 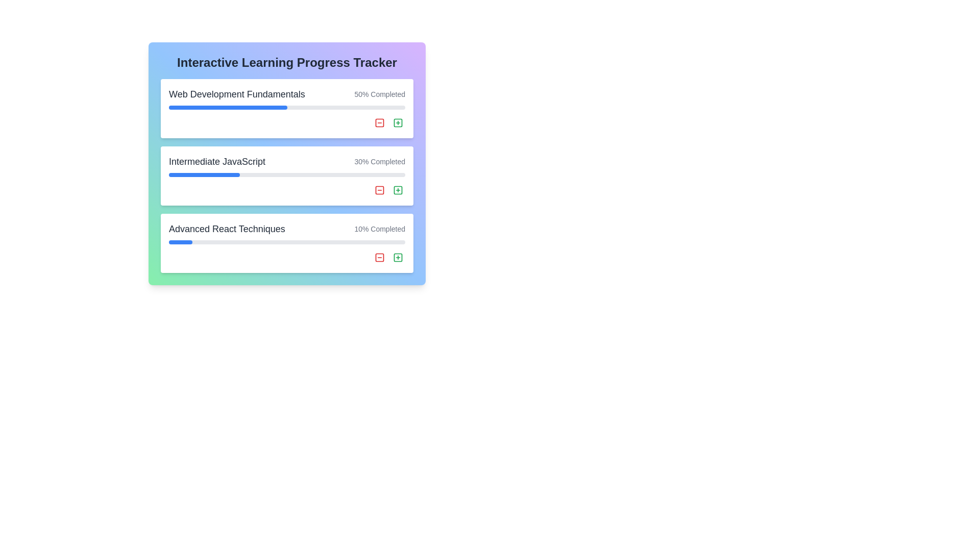 What do you see at coordinates (379, 257) in the screenshot?
I see `the red square button with a minus sign icon located at the bottom-right corner of the 'Advanced React Techniques' section for accessibility purposes` at bounding box center [379, 257].